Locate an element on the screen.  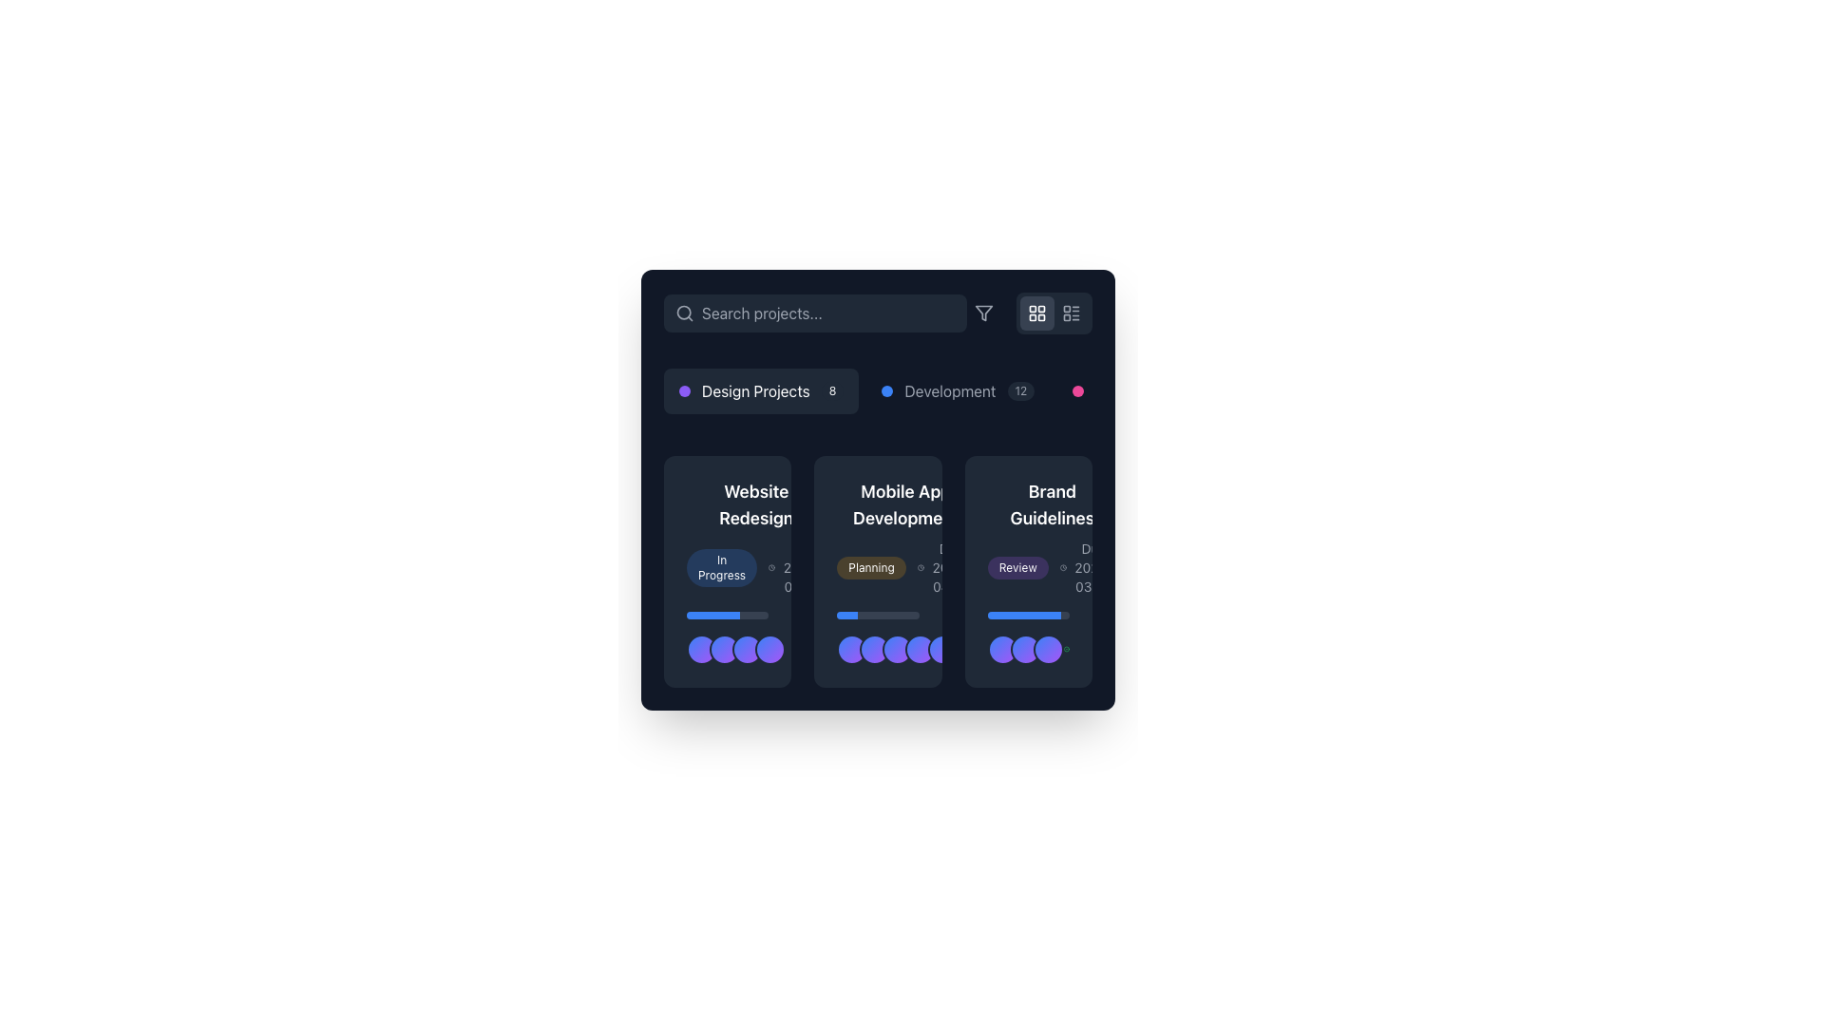
the Grouped Avatar Icons located in the bottom section of the leftmost card in a grid of three cards is located at coordinates (734, 648).